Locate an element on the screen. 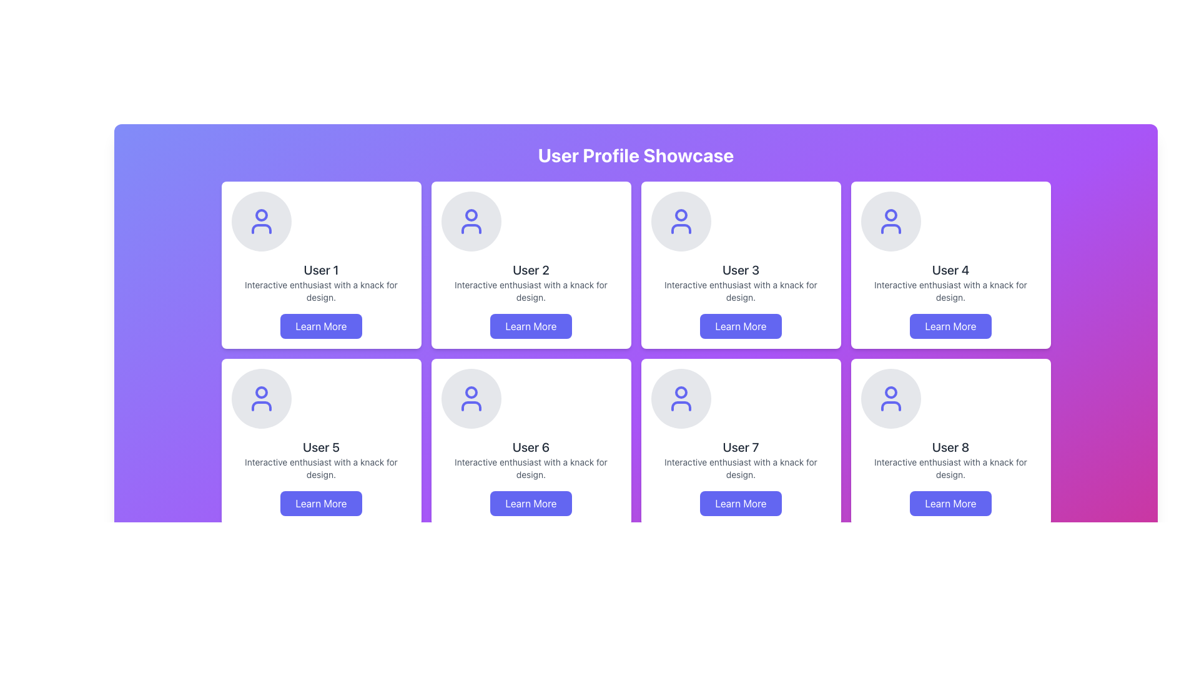  the text element located within the third user profile card of the top row, positioned below 'User 3' and above the 'Learn More' button is located at coordinates (741, 291).